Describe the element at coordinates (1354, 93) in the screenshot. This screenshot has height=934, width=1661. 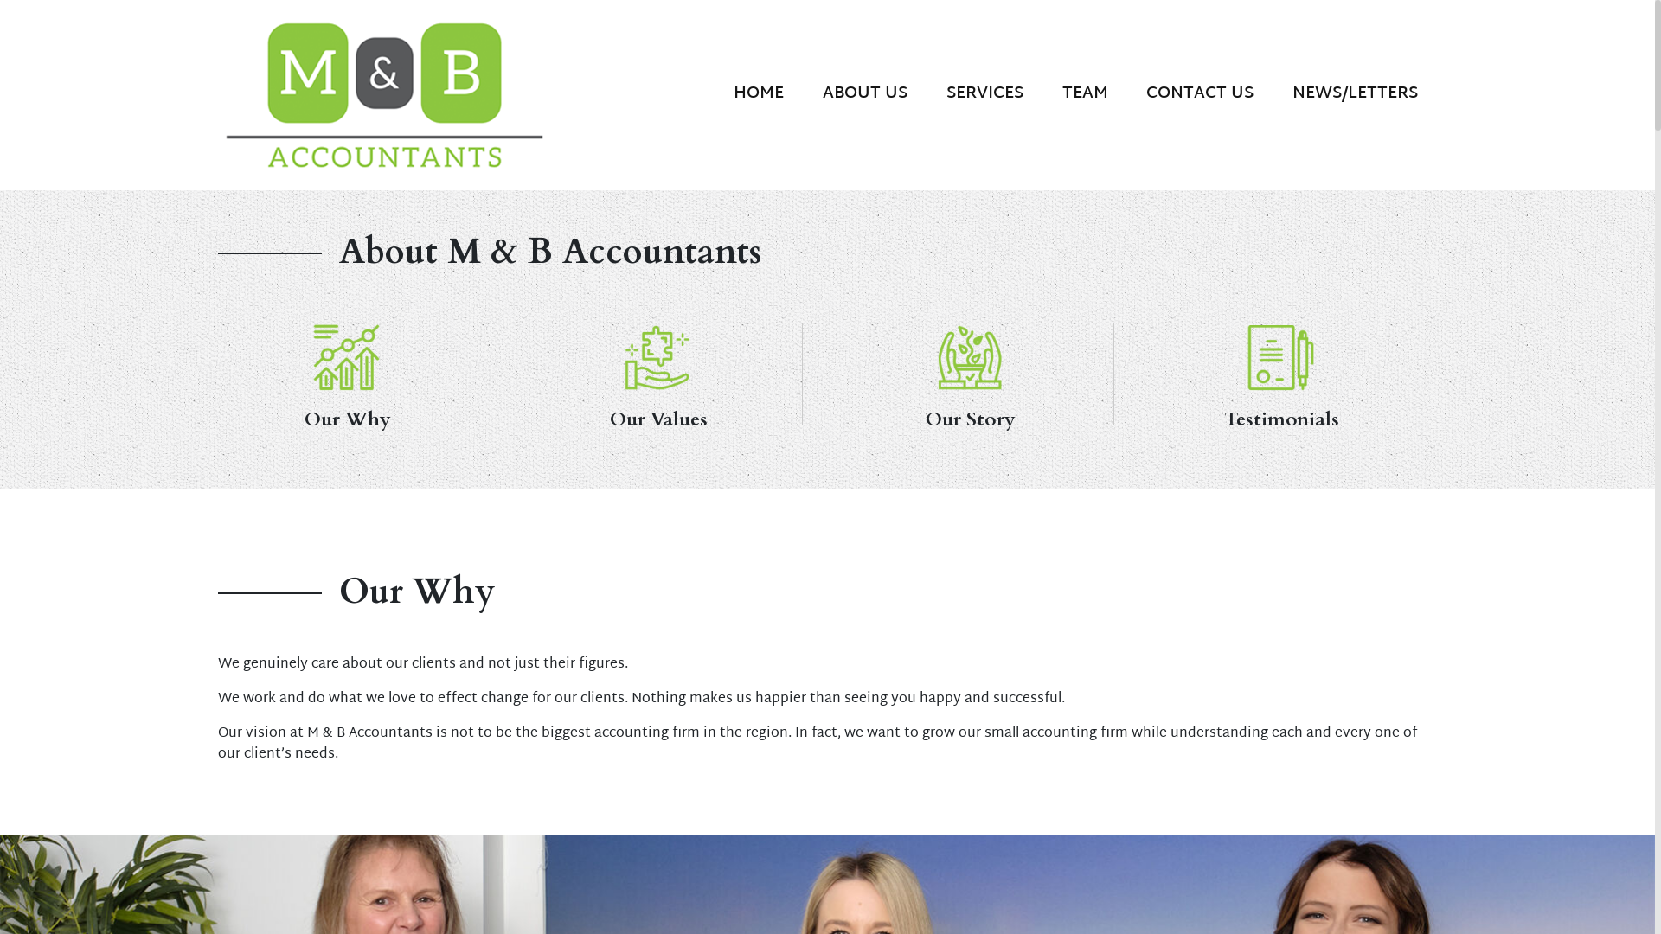
I see `'NEWS/LETTERS'` at that location.